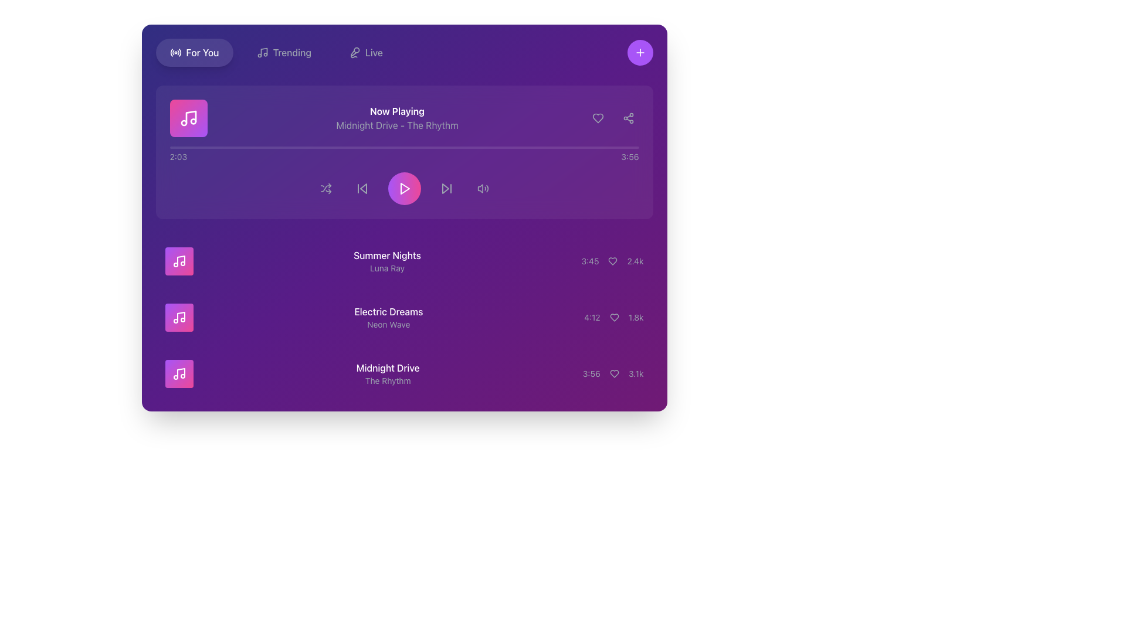 Image resolution: width=1126 pixels, height=633 pixels. What do you see at coordinates (628, 118) in the screenshot?
I see `the circular button with a sharing icon, located at the top-right corner of the music playing interface` at bounding box center [628, 118].